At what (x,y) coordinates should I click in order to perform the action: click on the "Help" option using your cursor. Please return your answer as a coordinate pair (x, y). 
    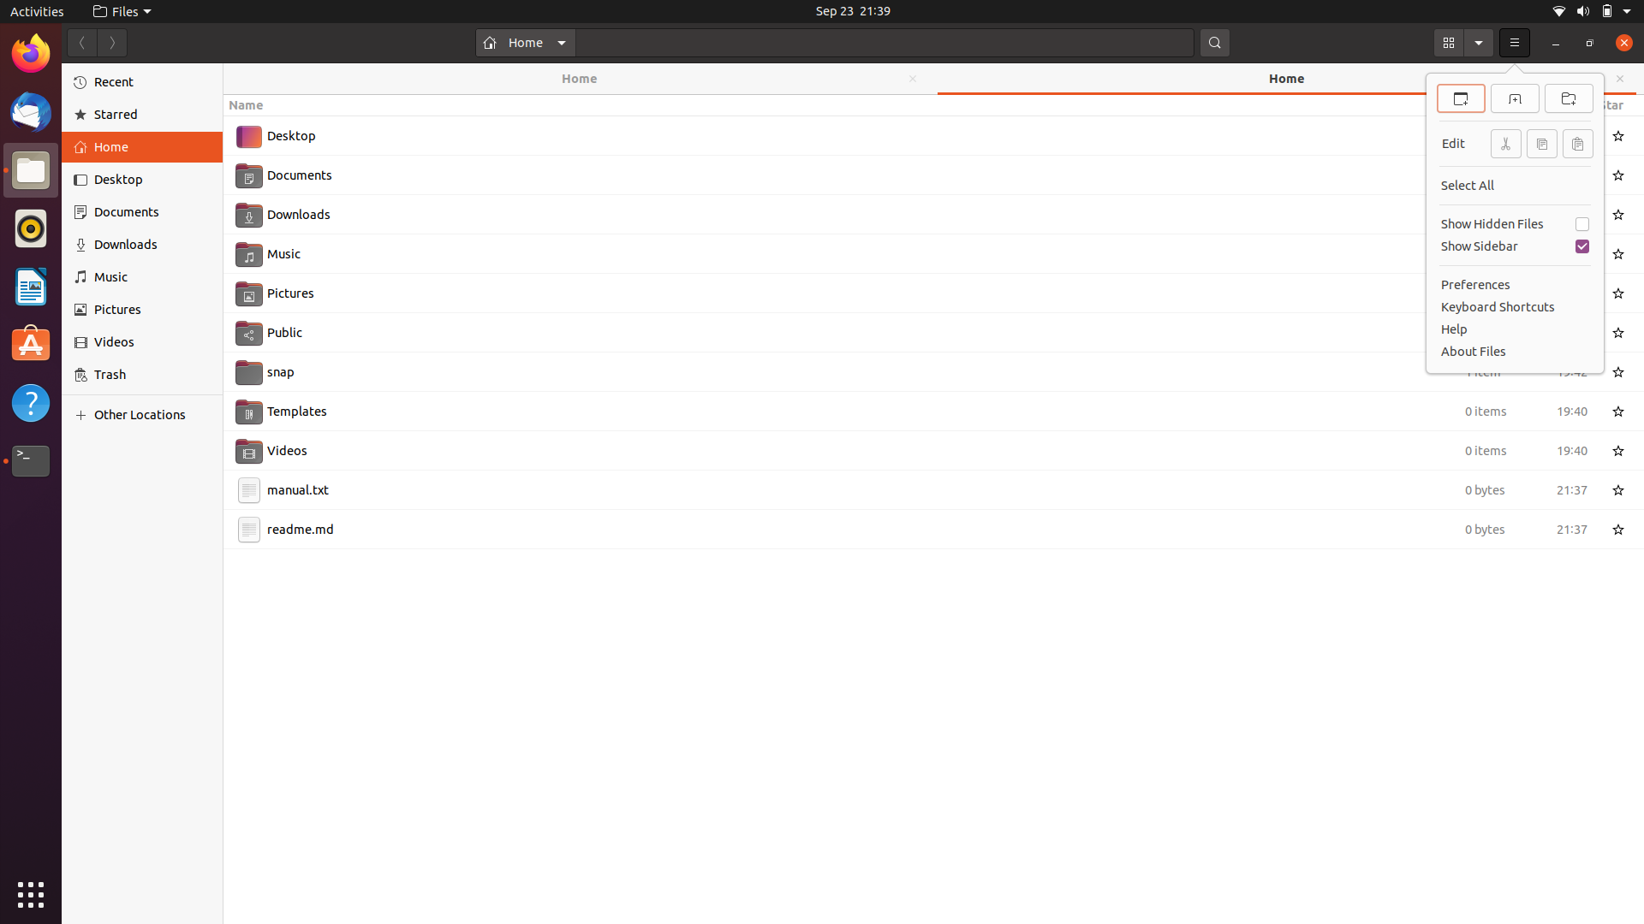
    Looking at the image, I should click on (1513, 329).